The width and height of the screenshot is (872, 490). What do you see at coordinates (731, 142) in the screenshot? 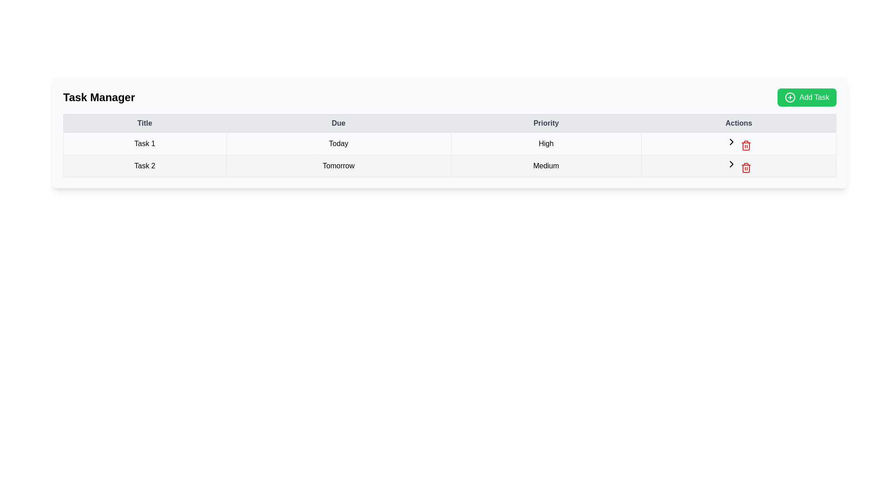
I see `the rightward chevron arrow icon in the 'Actions' column of the task list adjacent to 'Task 2' for tooltip or visual feedback` at bounding box center [731, 142].